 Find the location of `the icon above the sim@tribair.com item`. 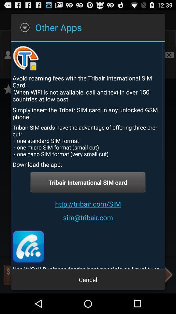

the icon above the sim@tribair.com item is located at coordinates (88, 203).